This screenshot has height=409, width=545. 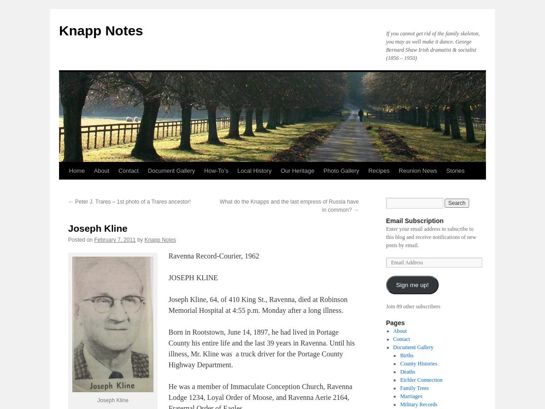 What do you see at coordinates (418, 404) in the screenshot?
I see `'Military Records'` at bounding box center [418, 404].